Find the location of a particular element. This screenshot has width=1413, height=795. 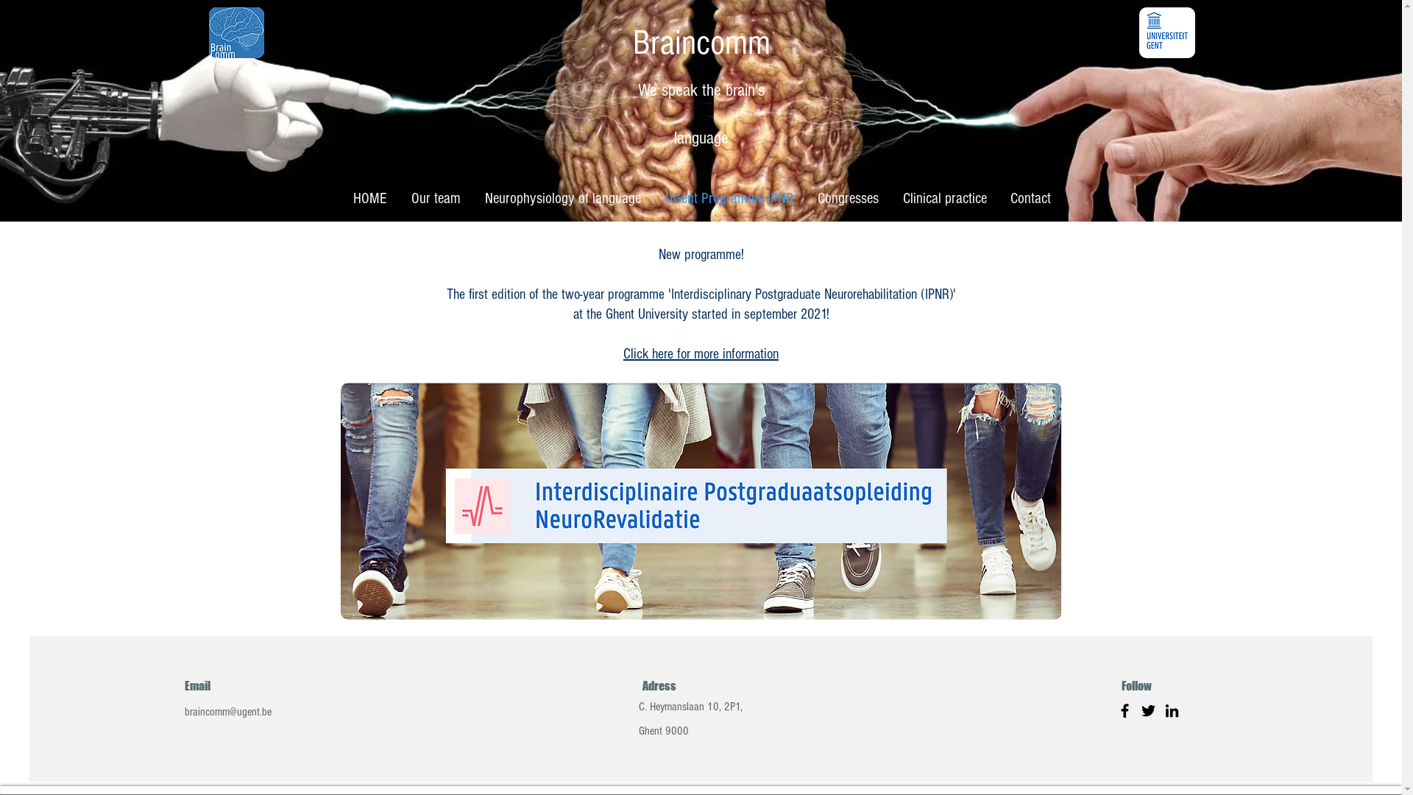

'C. Heymanslaan 10, 2P1,' is located at coordinates (690, 706).